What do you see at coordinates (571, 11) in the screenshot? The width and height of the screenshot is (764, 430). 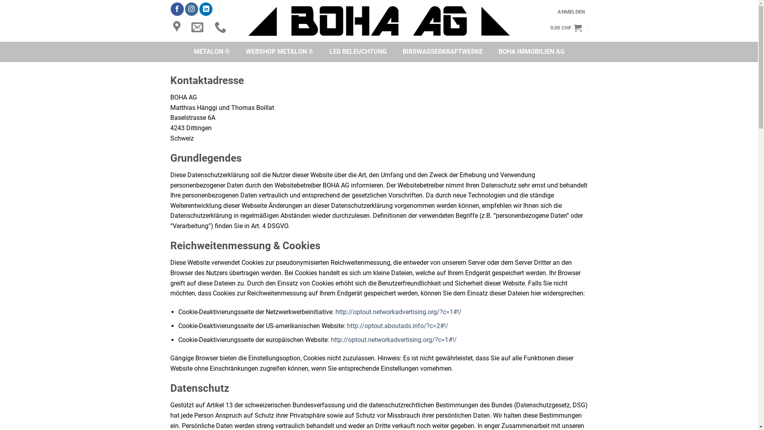 I see `'ANMELDEN'` at bounding box center [571, 11].